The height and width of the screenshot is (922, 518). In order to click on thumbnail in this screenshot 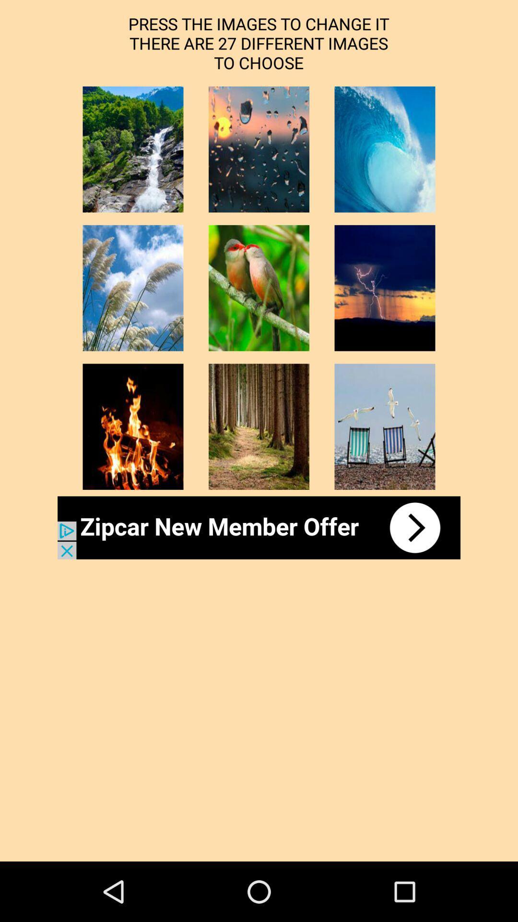, I will do `click(259, 149)`.